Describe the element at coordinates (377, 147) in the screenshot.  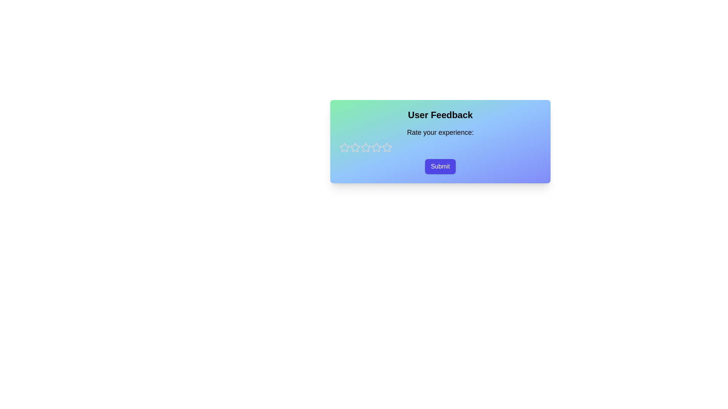
I see `the third star icon in the horizontal row of five star icons to provide a rating` at that location.